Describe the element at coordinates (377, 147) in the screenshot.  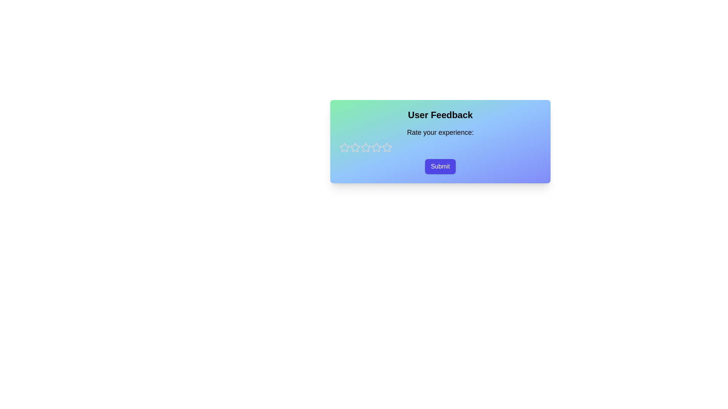
I see `the third star icon in the horizontal row of five star icons to provide a rating` at that location.